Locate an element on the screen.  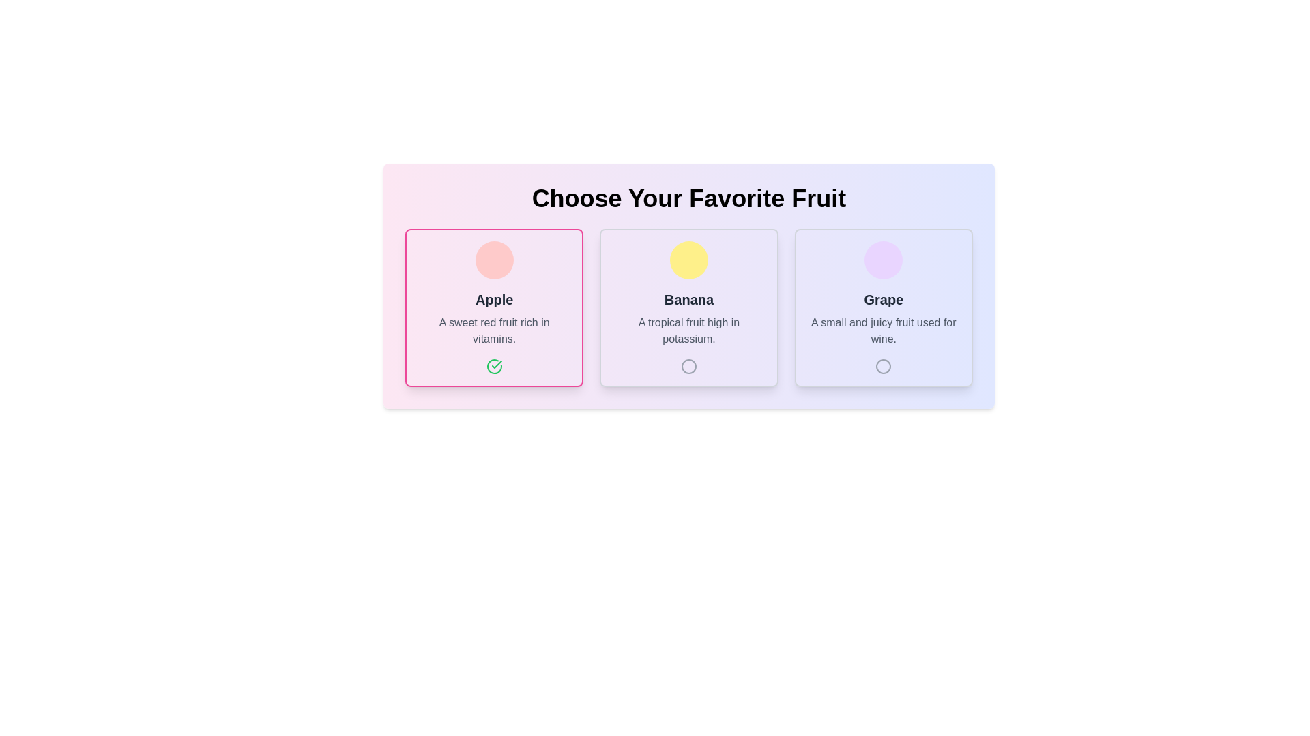
the header text element displaying 'Choose Your Favorite Fruit' to trigger possible UI effects is located at coordinates (688, 199).